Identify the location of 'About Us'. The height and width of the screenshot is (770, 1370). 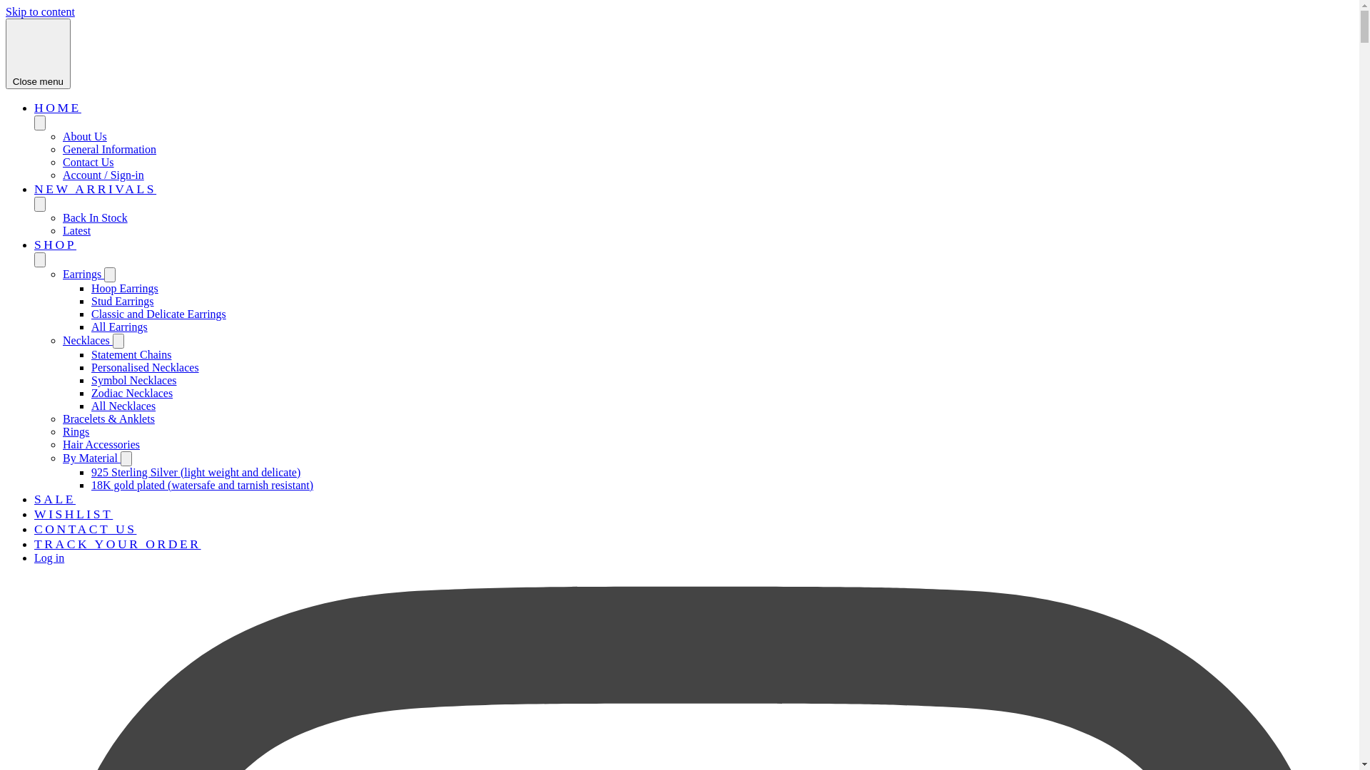
(84, 136).